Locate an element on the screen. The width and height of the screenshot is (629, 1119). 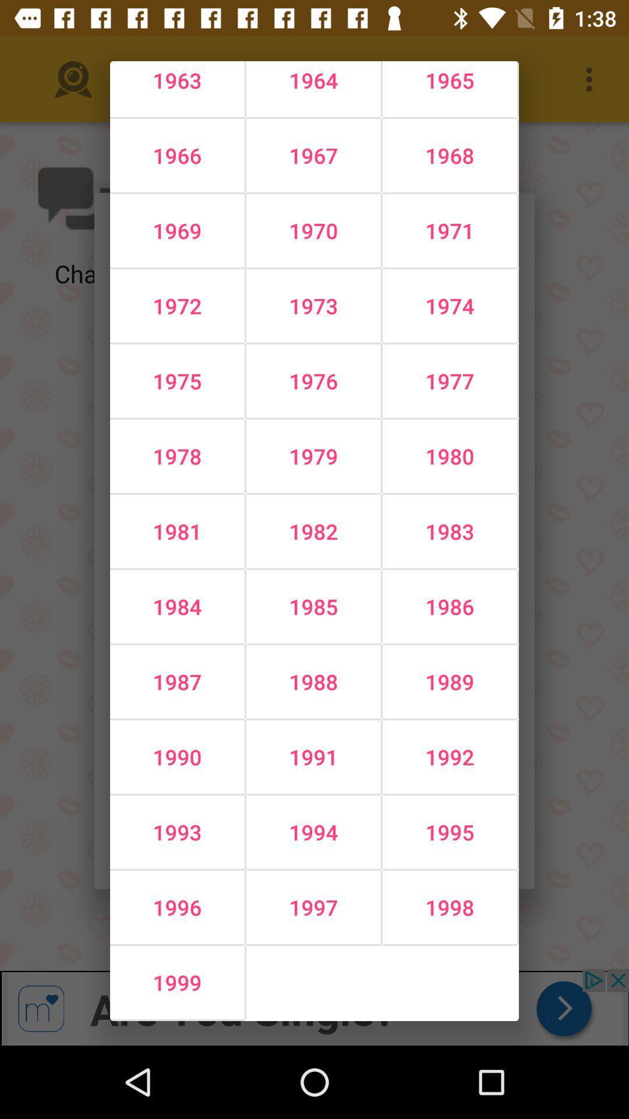
1972 icon is located at coordinates (177, 305).